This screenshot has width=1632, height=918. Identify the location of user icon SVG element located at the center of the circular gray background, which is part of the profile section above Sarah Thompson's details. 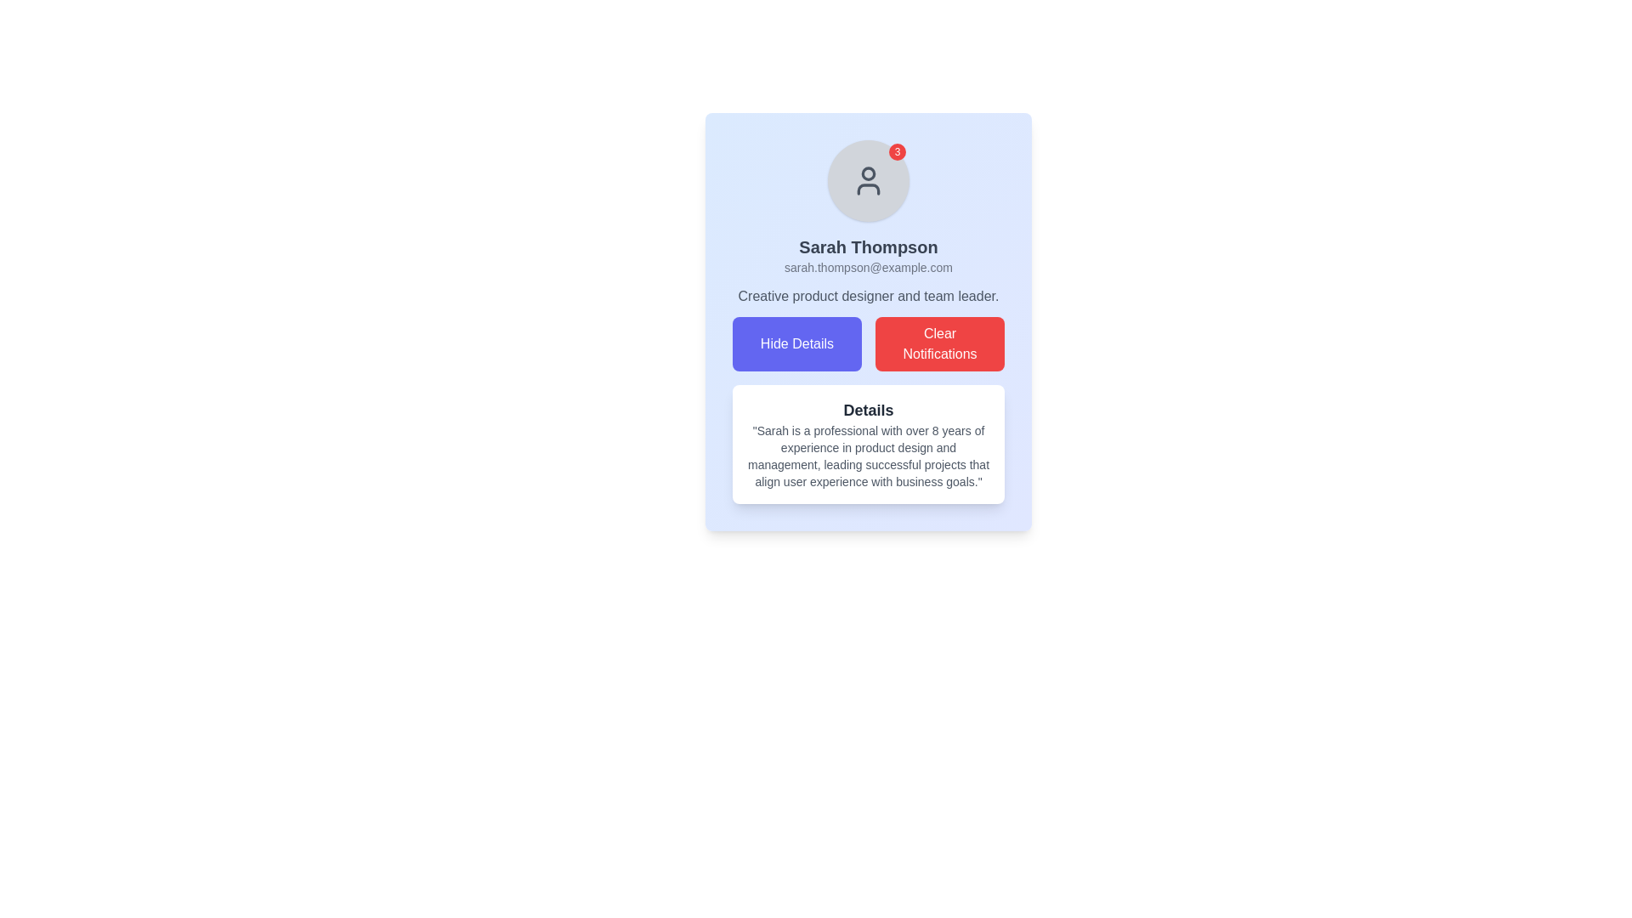
(869, 180).